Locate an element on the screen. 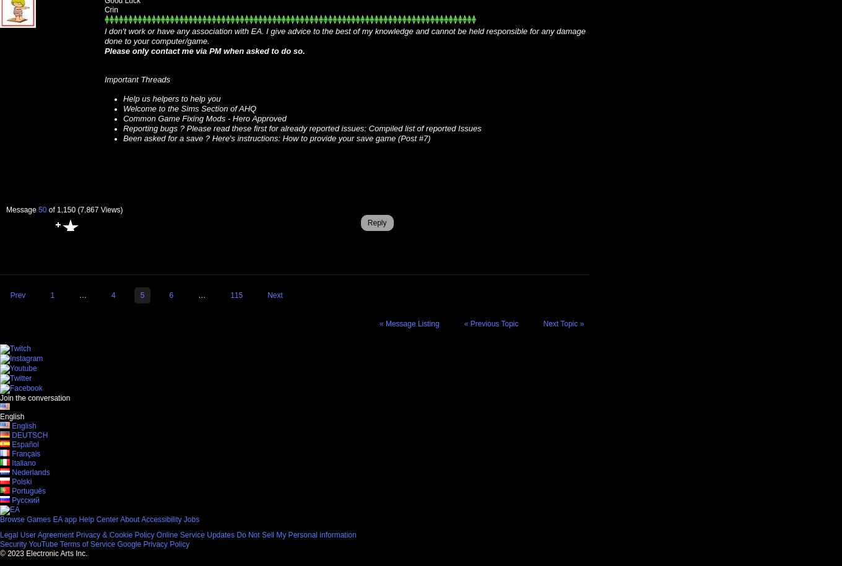 Image resolution: width=842 pixels, height=566 pixels. 'DEUTSCH' is located at coordinates (30, 434).